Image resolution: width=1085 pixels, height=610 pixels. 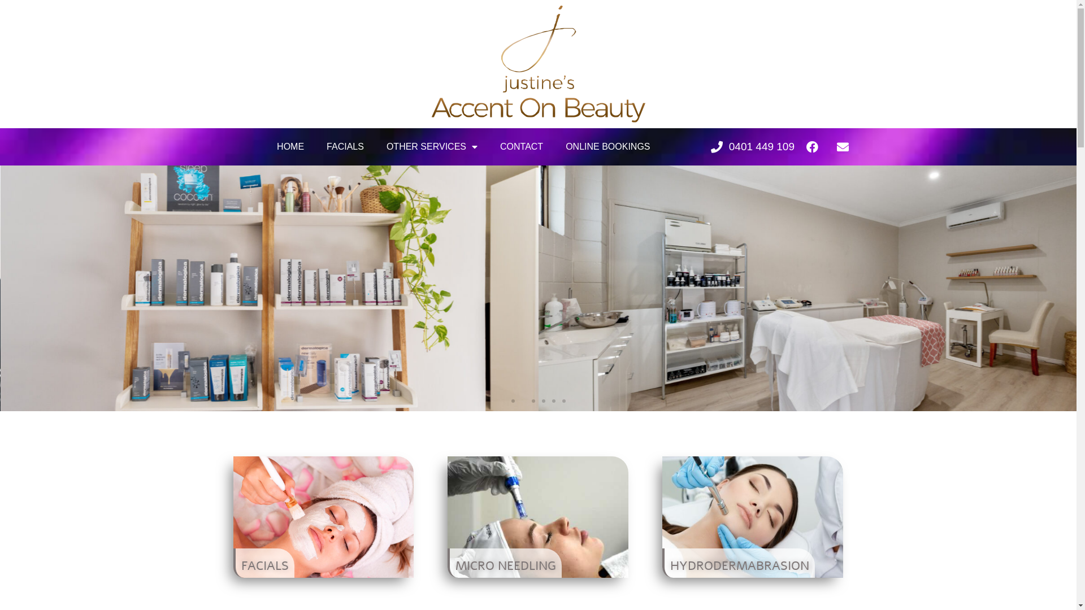 What do you see at coordinates (607, 146) in the screenshot?
I see `'ONLINE BOOKINGS'` at bounding box center [607, 146].